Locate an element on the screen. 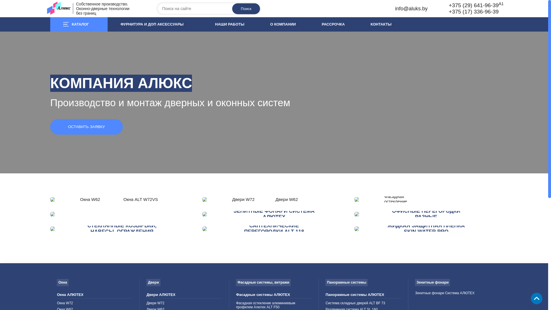 This screenshot has width=551, height=310. '+375 (17) 336-96-39' is located at coordinates (474, 11).